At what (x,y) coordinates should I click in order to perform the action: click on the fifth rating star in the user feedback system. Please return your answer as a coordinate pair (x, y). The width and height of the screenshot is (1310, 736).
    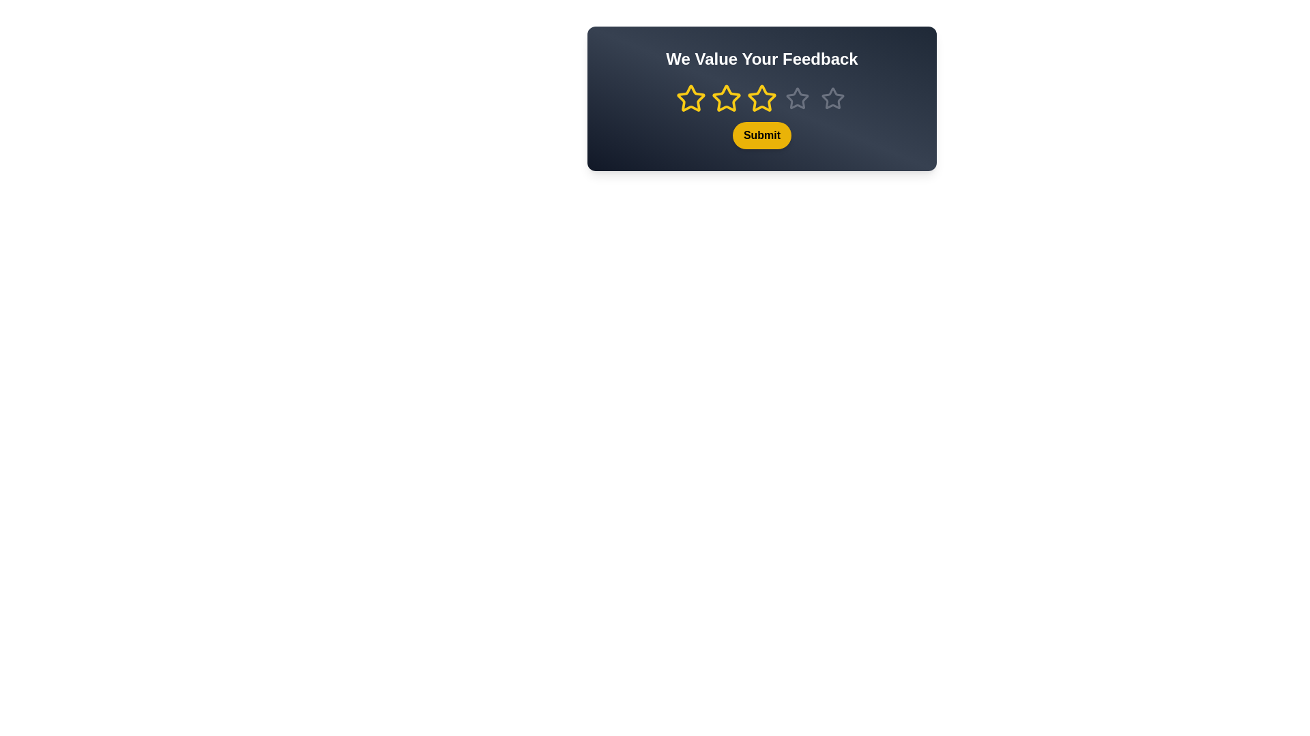
    Looking at the image, I should click on (832, 98).